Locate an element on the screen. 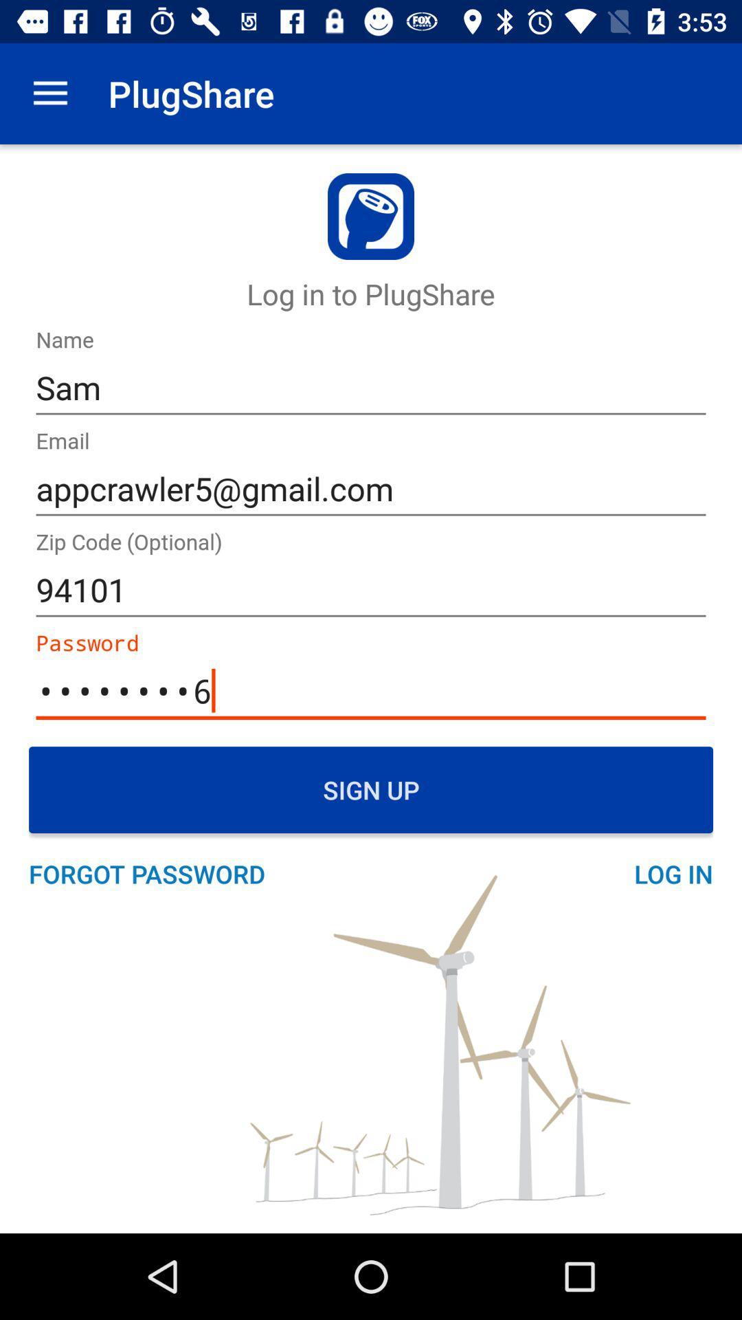 This screenshot has height=1320, width=742. icon above forgot password is located at coordinates (371, 789).